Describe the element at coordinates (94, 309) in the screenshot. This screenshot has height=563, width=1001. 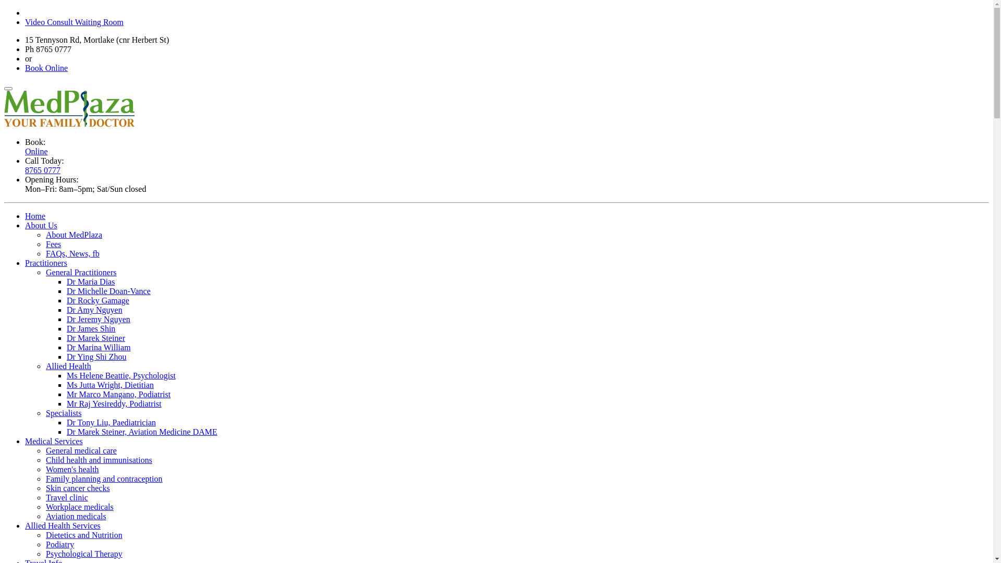
I see `'Dr Amy Nguyen'` at that location.